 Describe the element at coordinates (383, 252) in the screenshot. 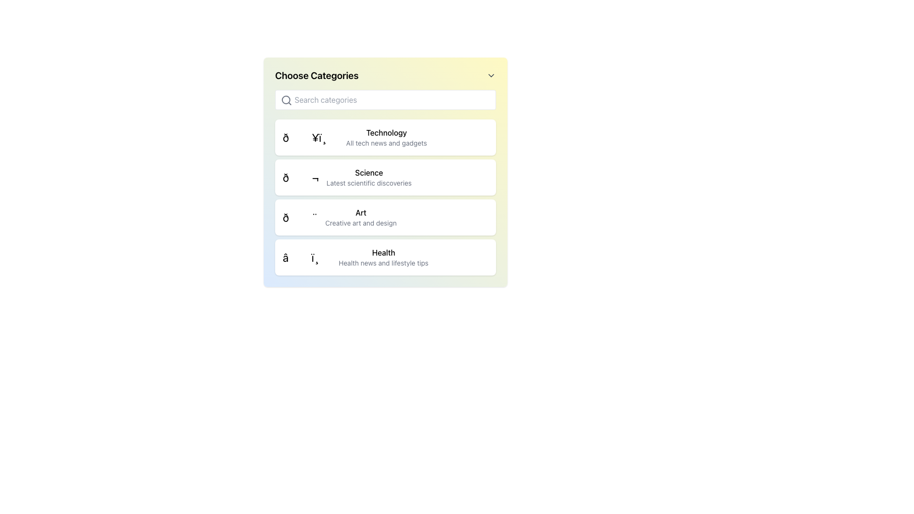

I see `the 'Health' category title text label, which is the heading in the fourth list item of the 'Choose Categories' menu` at that location.